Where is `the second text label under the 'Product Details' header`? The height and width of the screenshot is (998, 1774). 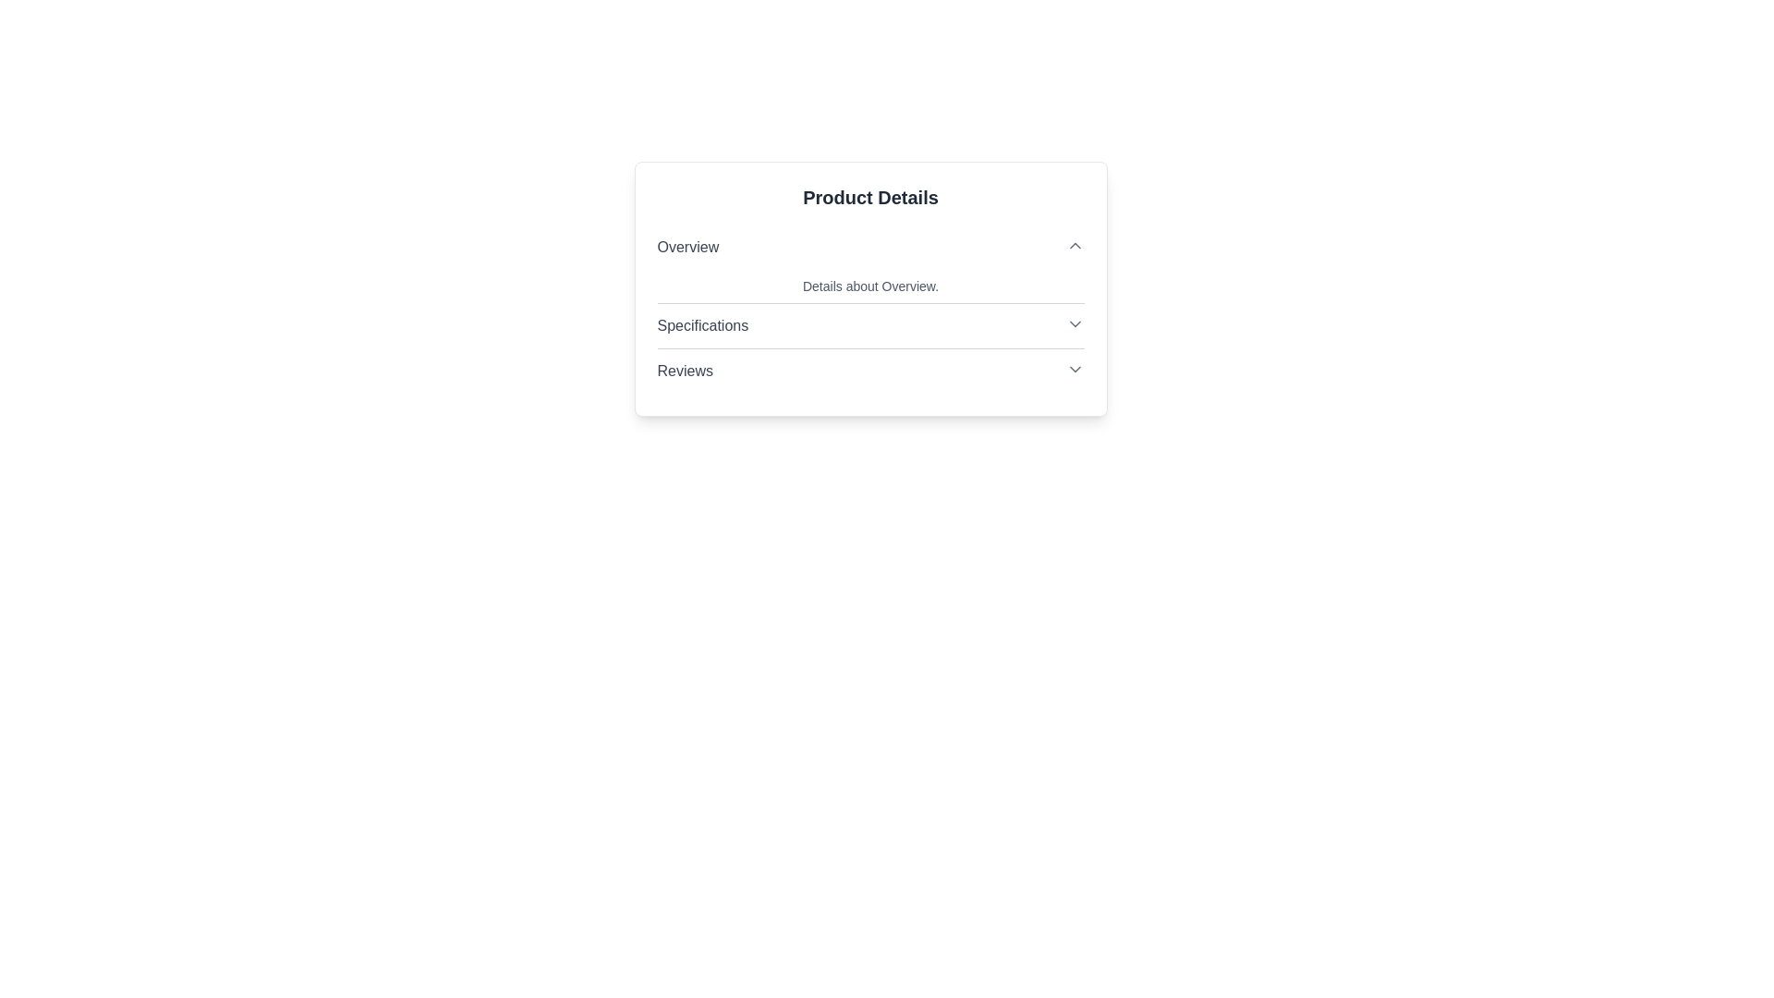
the second text label under the 'Product Details' header is located at coordinates (701, 325).